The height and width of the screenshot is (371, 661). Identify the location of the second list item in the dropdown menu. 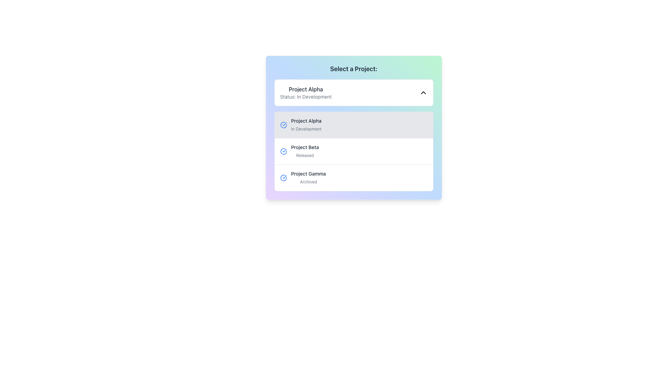
(354, 151).